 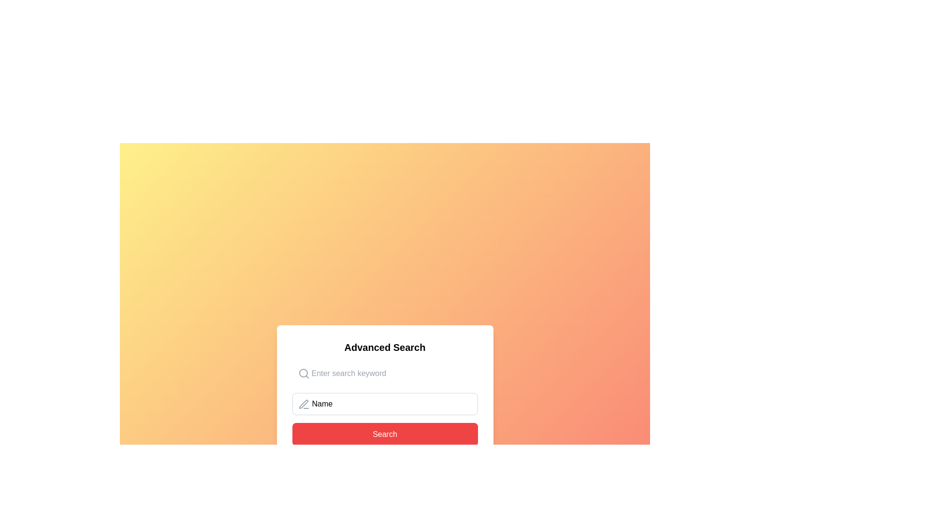 What do you see at coordinates (384, 434) in the screenshot?
I see `the 'Search' button with a red background and white text` at bounding box center [384, 434].